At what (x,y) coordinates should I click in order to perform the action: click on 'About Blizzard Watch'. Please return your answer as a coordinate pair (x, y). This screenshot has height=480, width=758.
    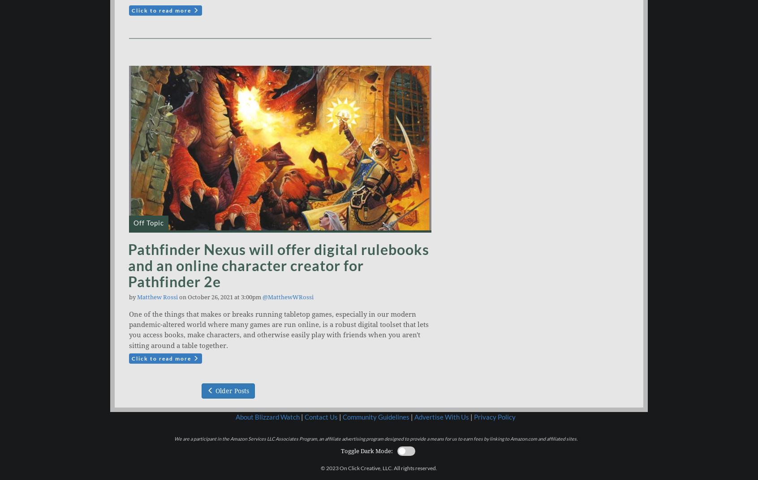
    Looking at the image, I should click on (267, 417).